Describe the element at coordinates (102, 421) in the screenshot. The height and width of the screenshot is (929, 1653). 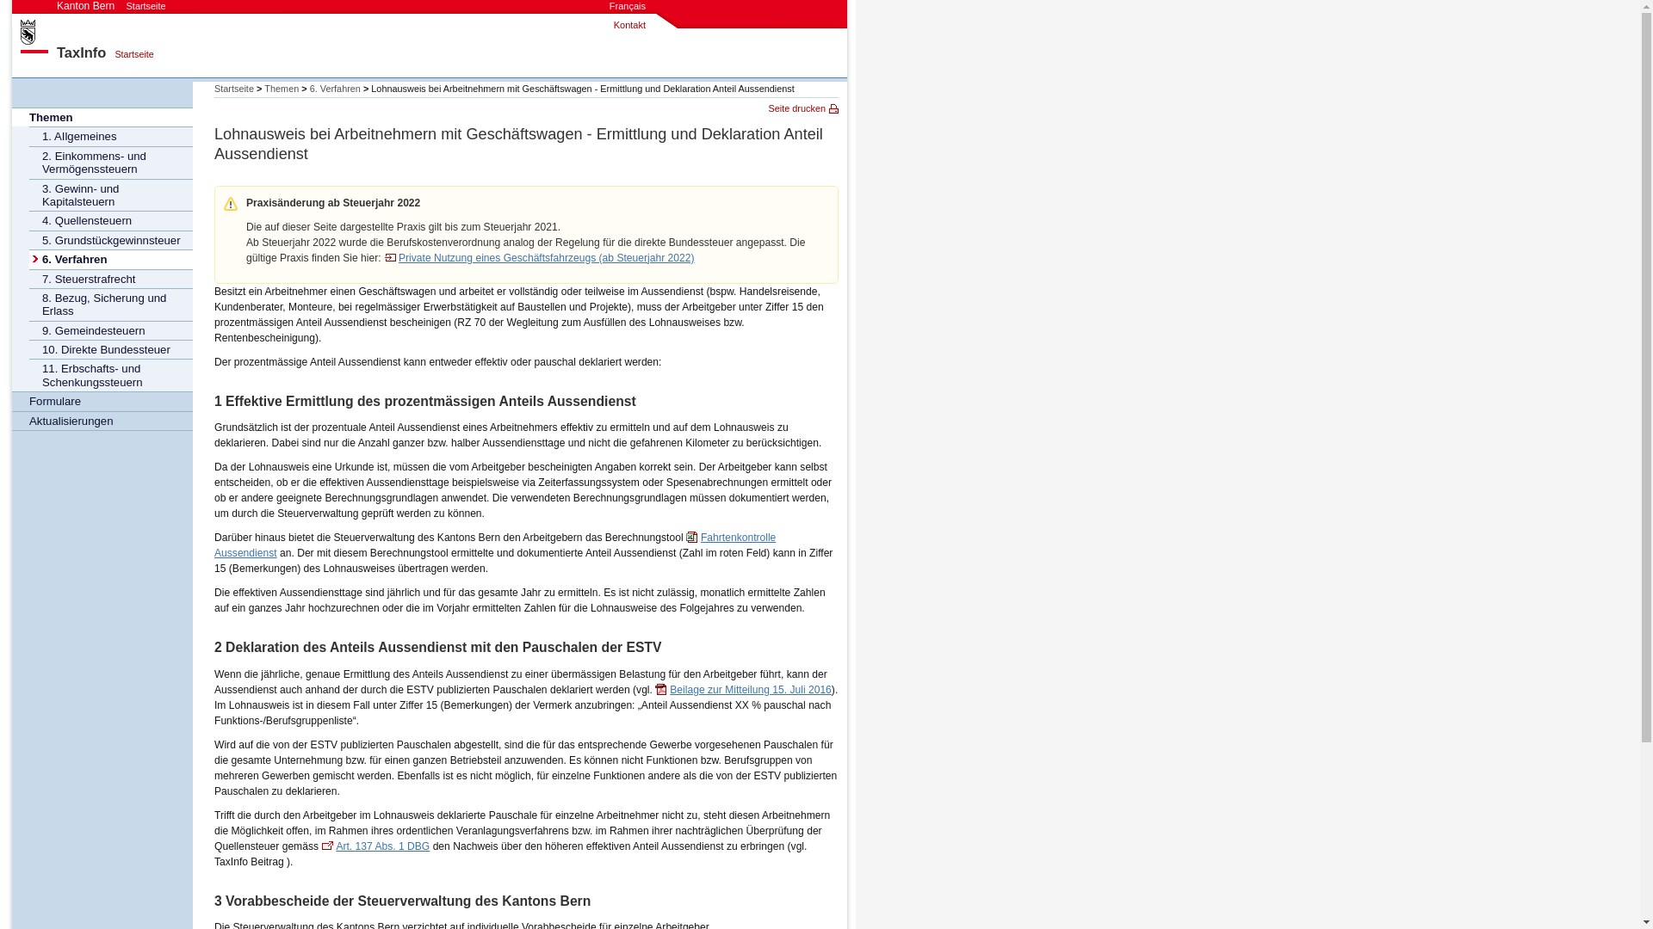
I see `'Aktualisierungen'` at that location.